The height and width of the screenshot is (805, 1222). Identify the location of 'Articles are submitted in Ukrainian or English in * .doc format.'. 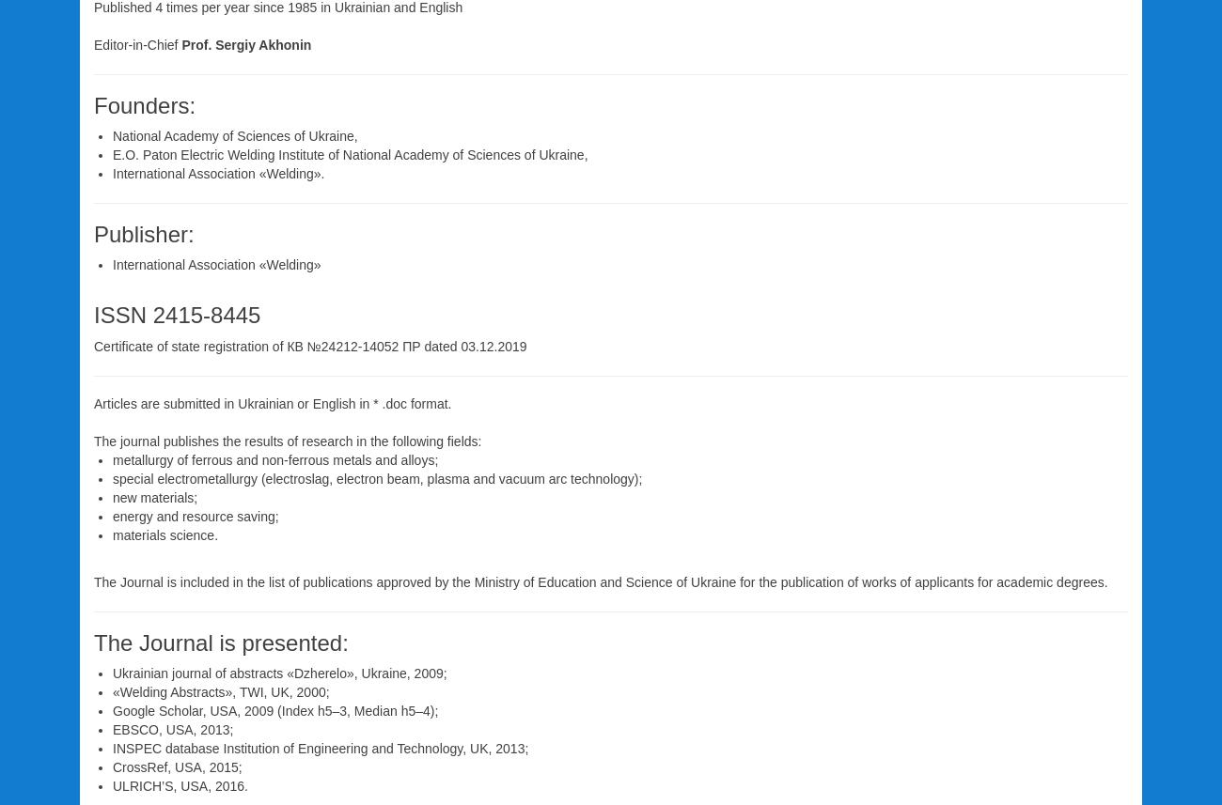
(273, 402).